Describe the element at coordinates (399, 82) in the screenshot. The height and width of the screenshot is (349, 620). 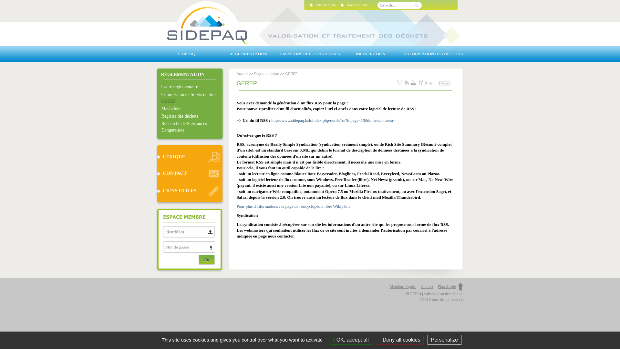
I see `'Imprimer la page'` at that location.